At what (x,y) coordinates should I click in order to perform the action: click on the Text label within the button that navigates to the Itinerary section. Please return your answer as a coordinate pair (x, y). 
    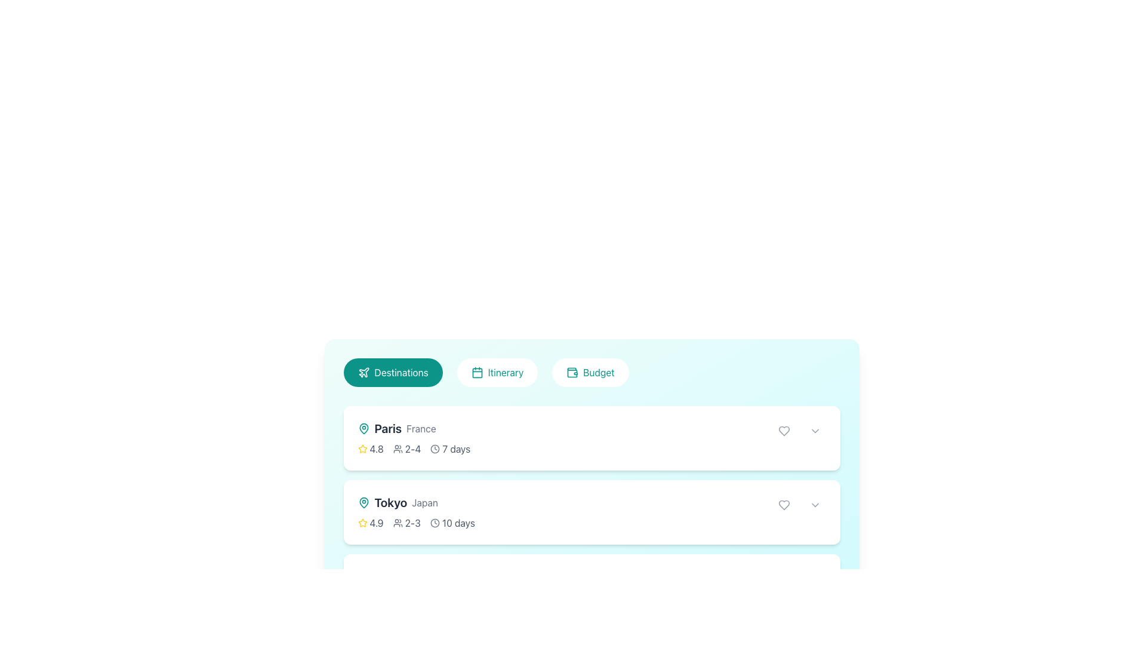
    Looking at the image, I should click on (506, 372).